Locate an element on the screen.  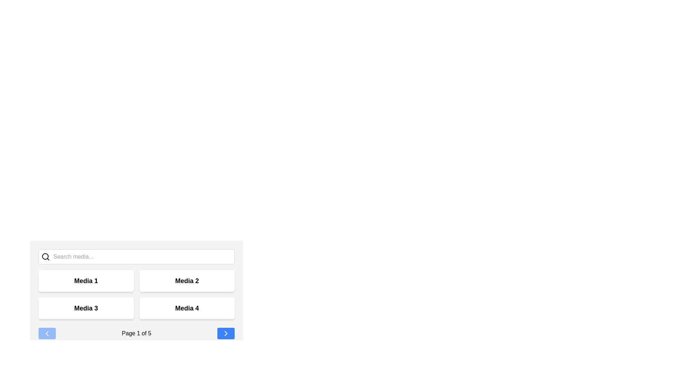
the search icon resembling a magnifying glass, which is positioned to the left of the text input field is located at coordinates (45, 256).